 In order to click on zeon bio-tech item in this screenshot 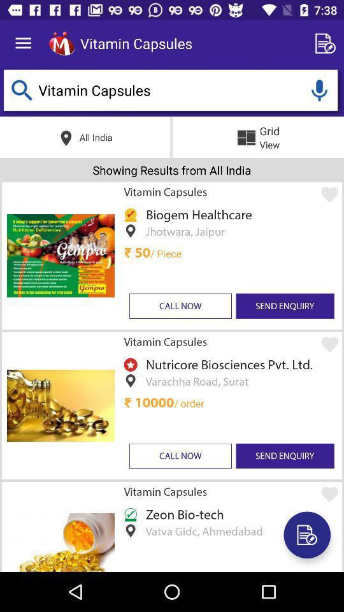, I will do `click(182, 514)`.